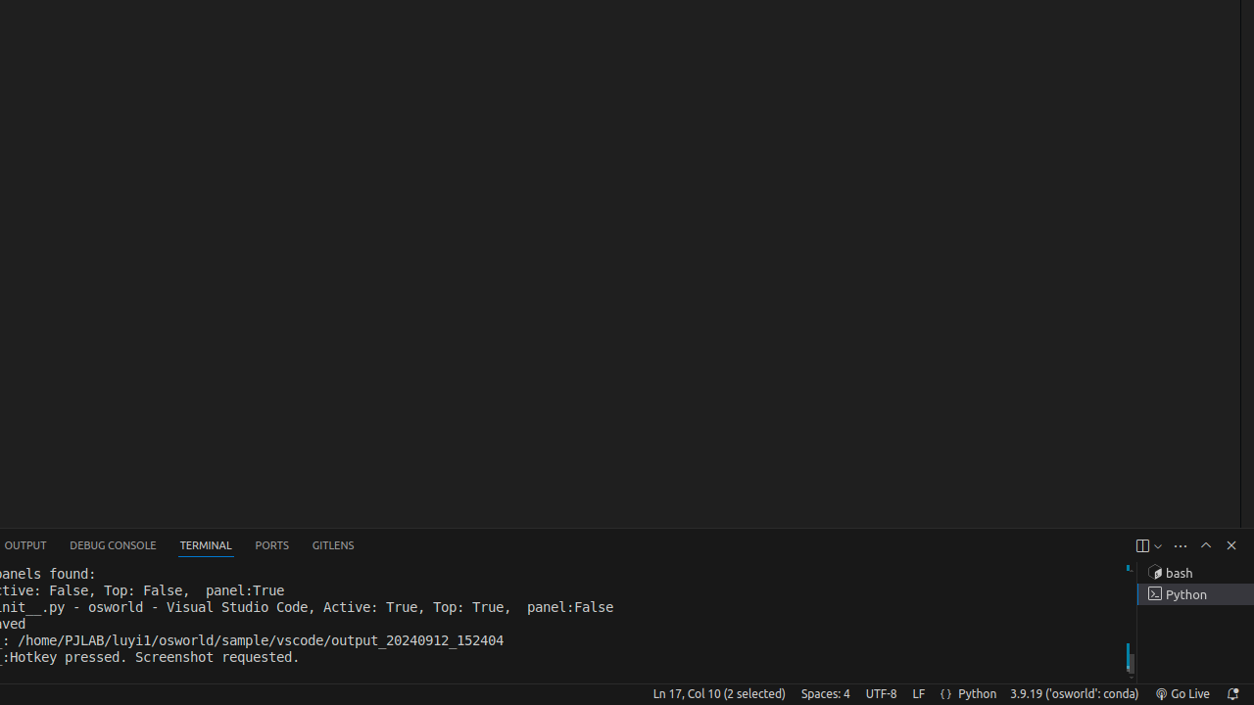 This screenshot has height=705, width=1254. Describe the element at coordinates (1194, 593) in the screenshot. I see `'Terminal 5 Python'` at that location.